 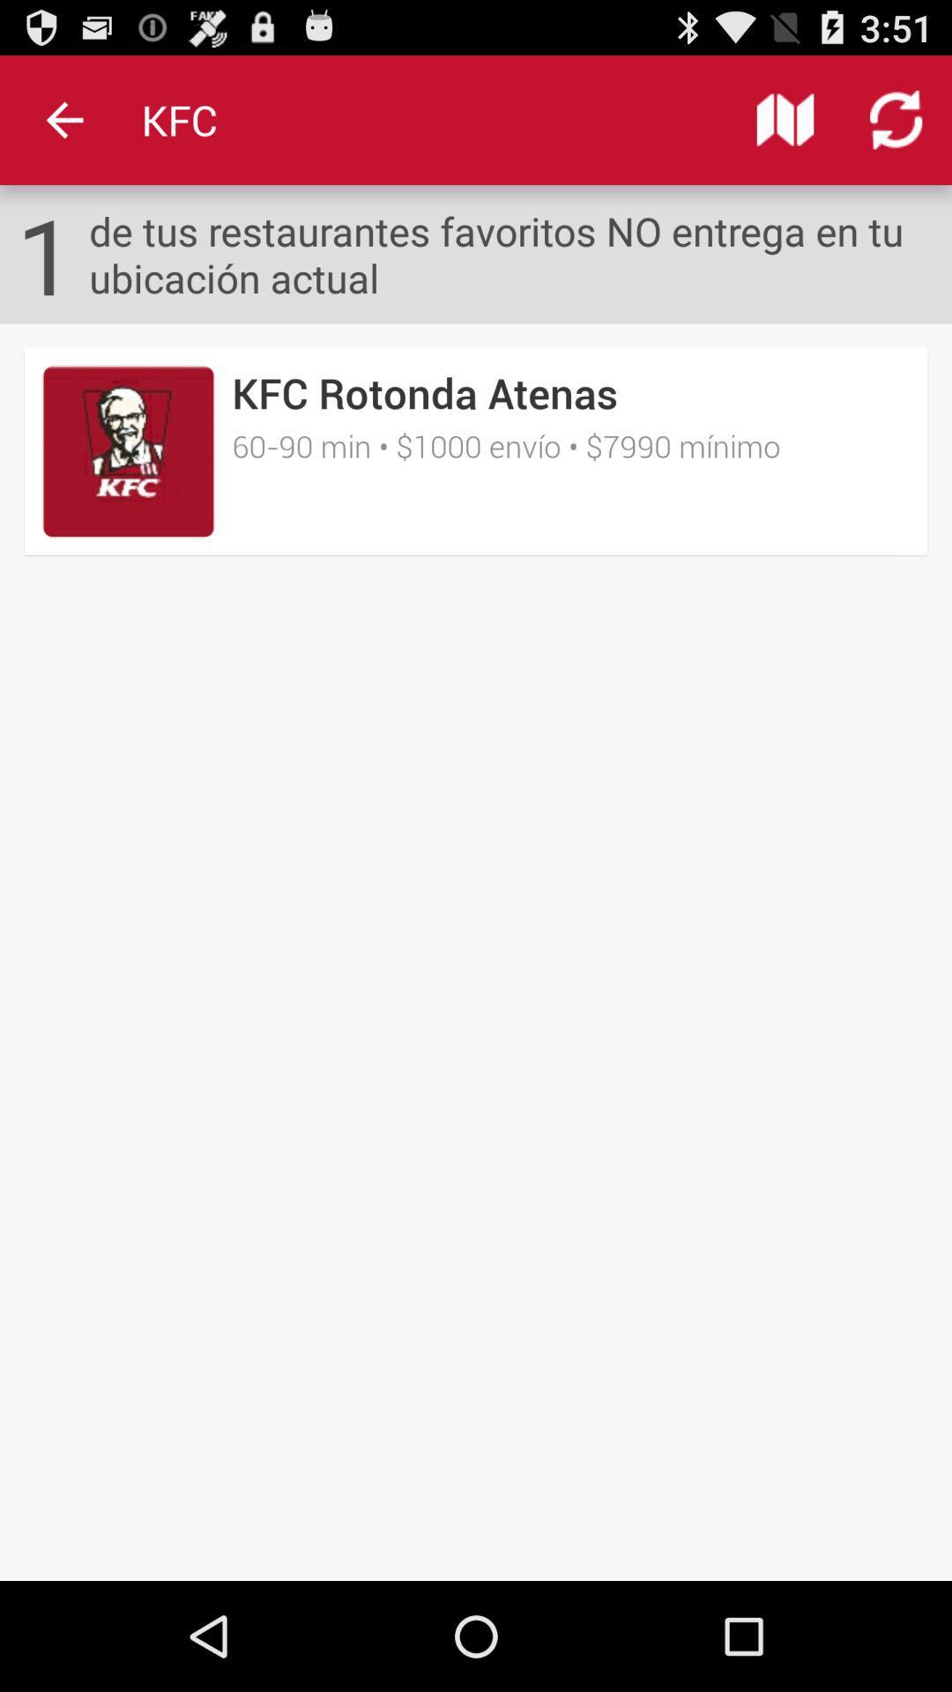 What do you see at coordinates (519, 253) in the screenshot?
I see `item to the right of the 1 item` at bounding box center [519, 253].